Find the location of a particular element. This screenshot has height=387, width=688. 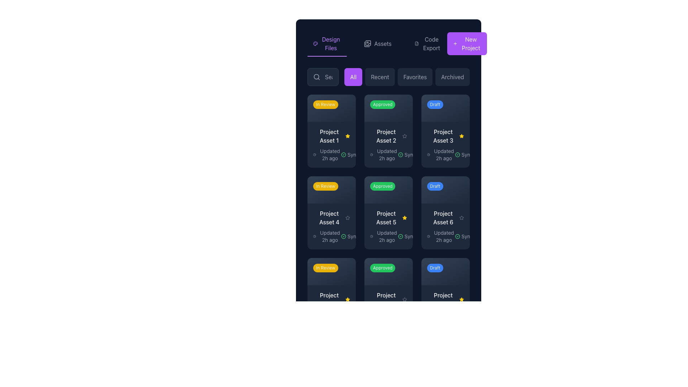

the star-shaped icon indicating importance or favorite status, located to the top-right of the text 'Project Asset 8' within its card is located at coordinates (405, 299).